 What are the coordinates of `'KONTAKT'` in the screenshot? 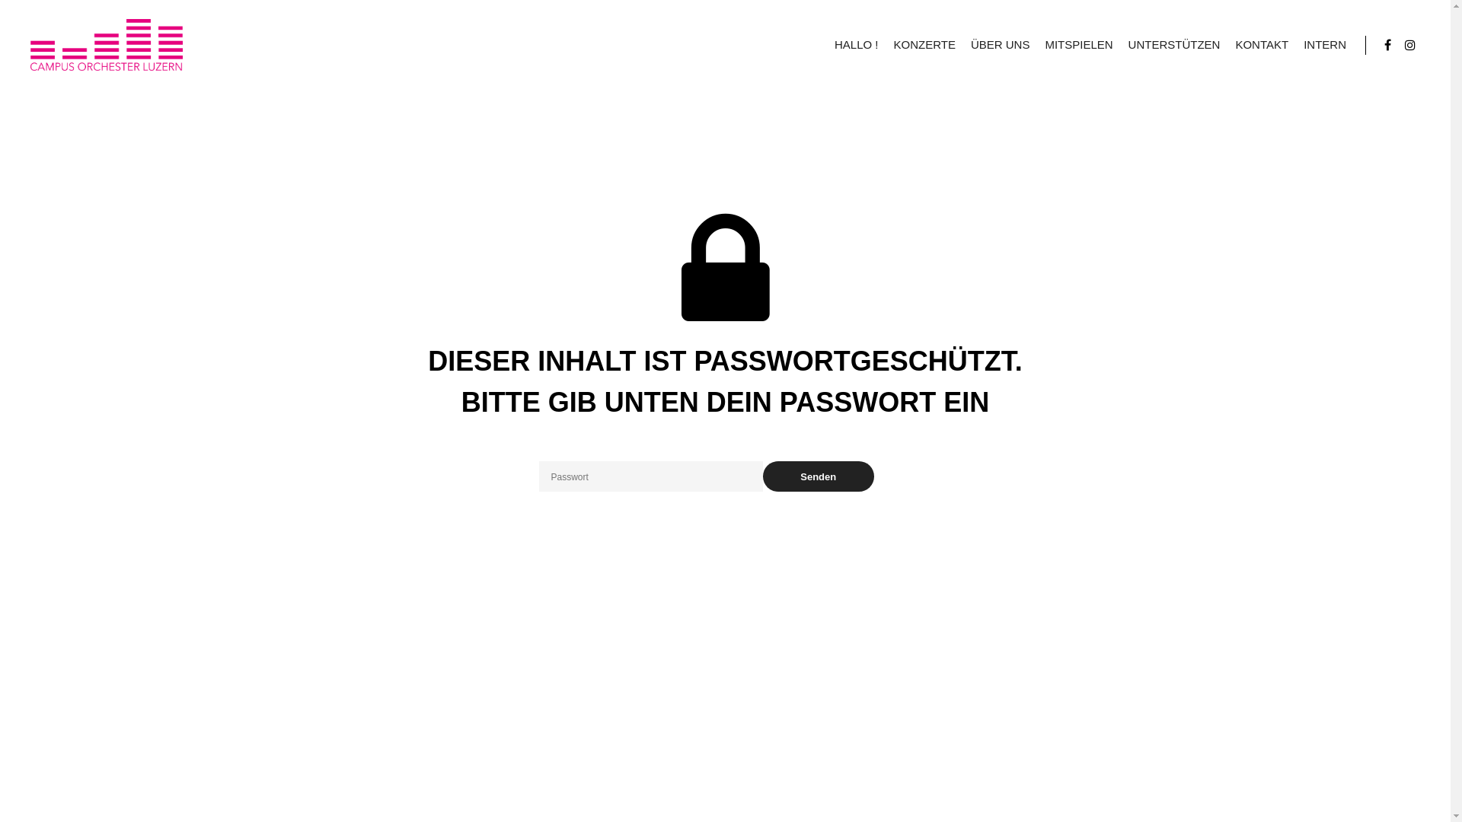 It's located at (1261, 43).